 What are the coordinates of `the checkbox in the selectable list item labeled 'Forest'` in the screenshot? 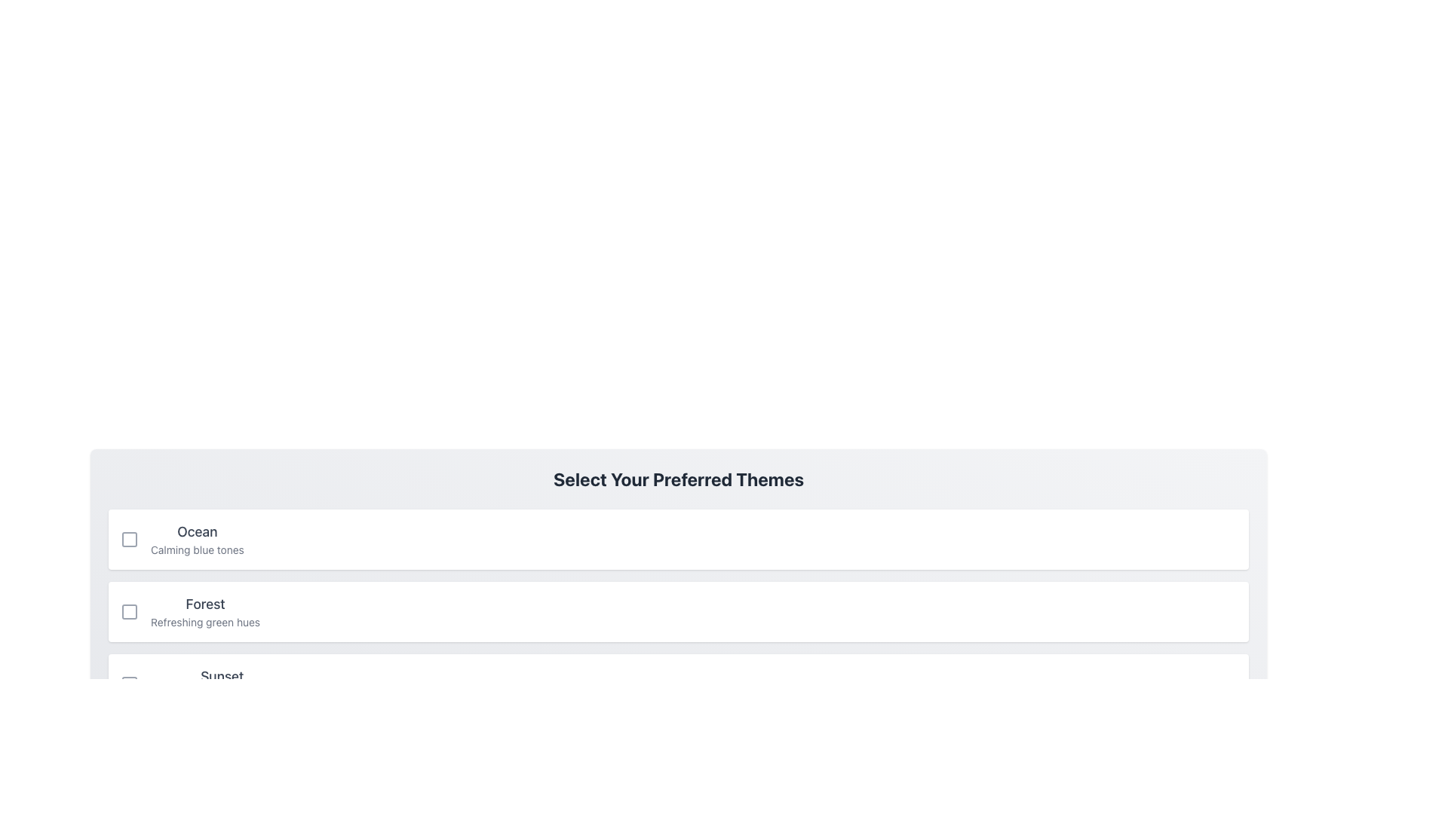 It's located at (678, 612).